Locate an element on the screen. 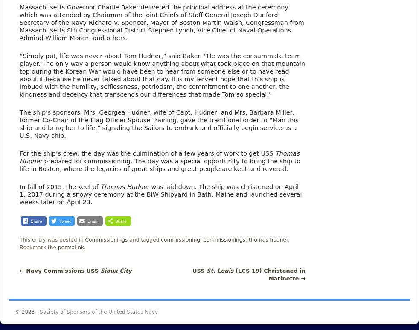 This screenshot has width=419, height=330. 'was laid down. The ship was christened on April 1, 2017 during a snowy ceremony at the BIW Shipyard in Bath, Maine and launched several weeks later on April 23.' is located at coordinates (19, 194).